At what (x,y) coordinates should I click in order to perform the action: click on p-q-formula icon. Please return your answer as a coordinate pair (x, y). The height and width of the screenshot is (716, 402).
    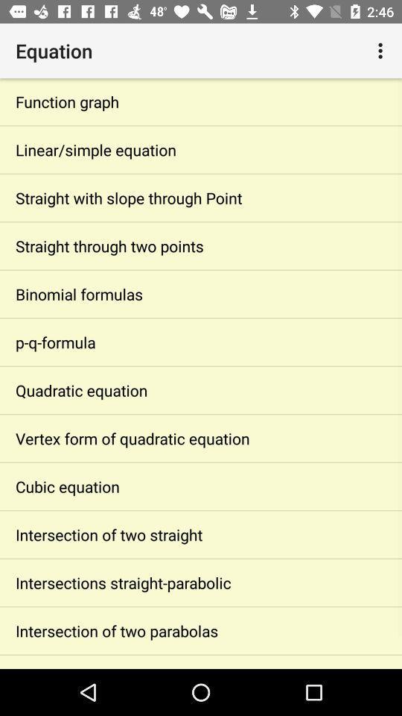
    Looking at the image, I should click on (201, 342).